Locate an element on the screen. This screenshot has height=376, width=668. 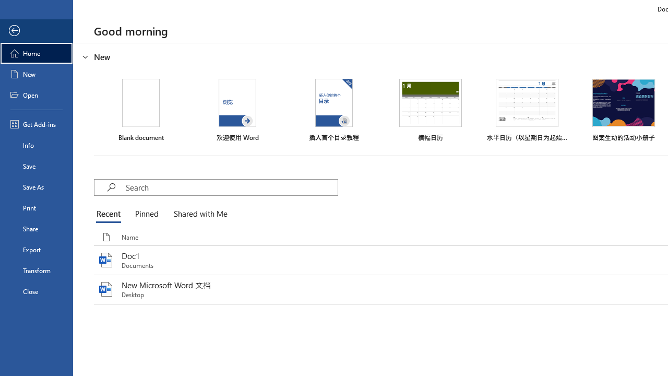
'Get Add-ins' is located at coordinates (36, 123).